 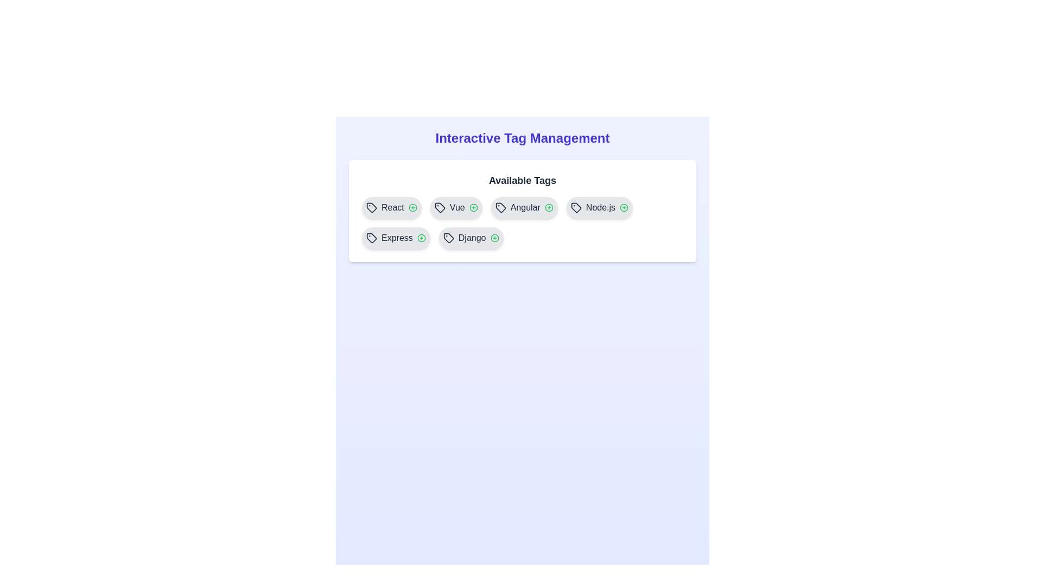 What do you see at coordinates (440, 207) in the screenshot?
I see `the Decorative Icon that resembles a price tag, which is located next to the 'Vue' label` at bounding box center [440, 207].